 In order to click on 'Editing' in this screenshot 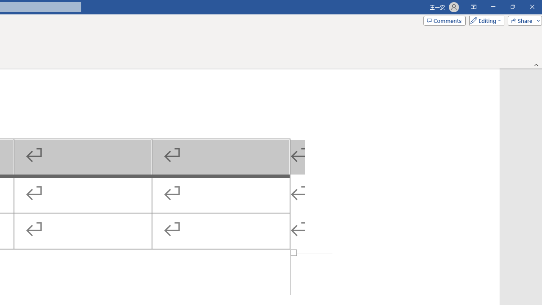, I will do `click(484, 20)`.